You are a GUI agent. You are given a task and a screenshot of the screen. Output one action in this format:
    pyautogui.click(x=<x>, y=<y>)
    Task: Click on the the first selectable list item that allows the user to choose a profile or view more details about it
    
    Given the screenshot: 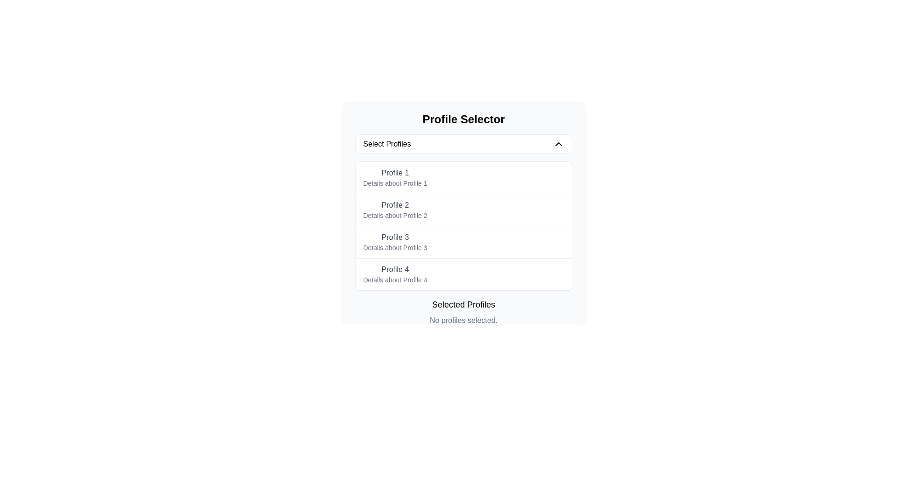 What is the action you would take?
    pyautogui.click(x=463, y=178)
    